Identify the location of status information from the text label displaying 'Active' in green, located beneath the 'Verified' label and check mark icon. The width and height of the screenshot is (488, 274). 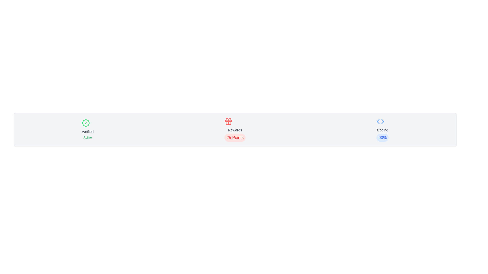
(87, 138).